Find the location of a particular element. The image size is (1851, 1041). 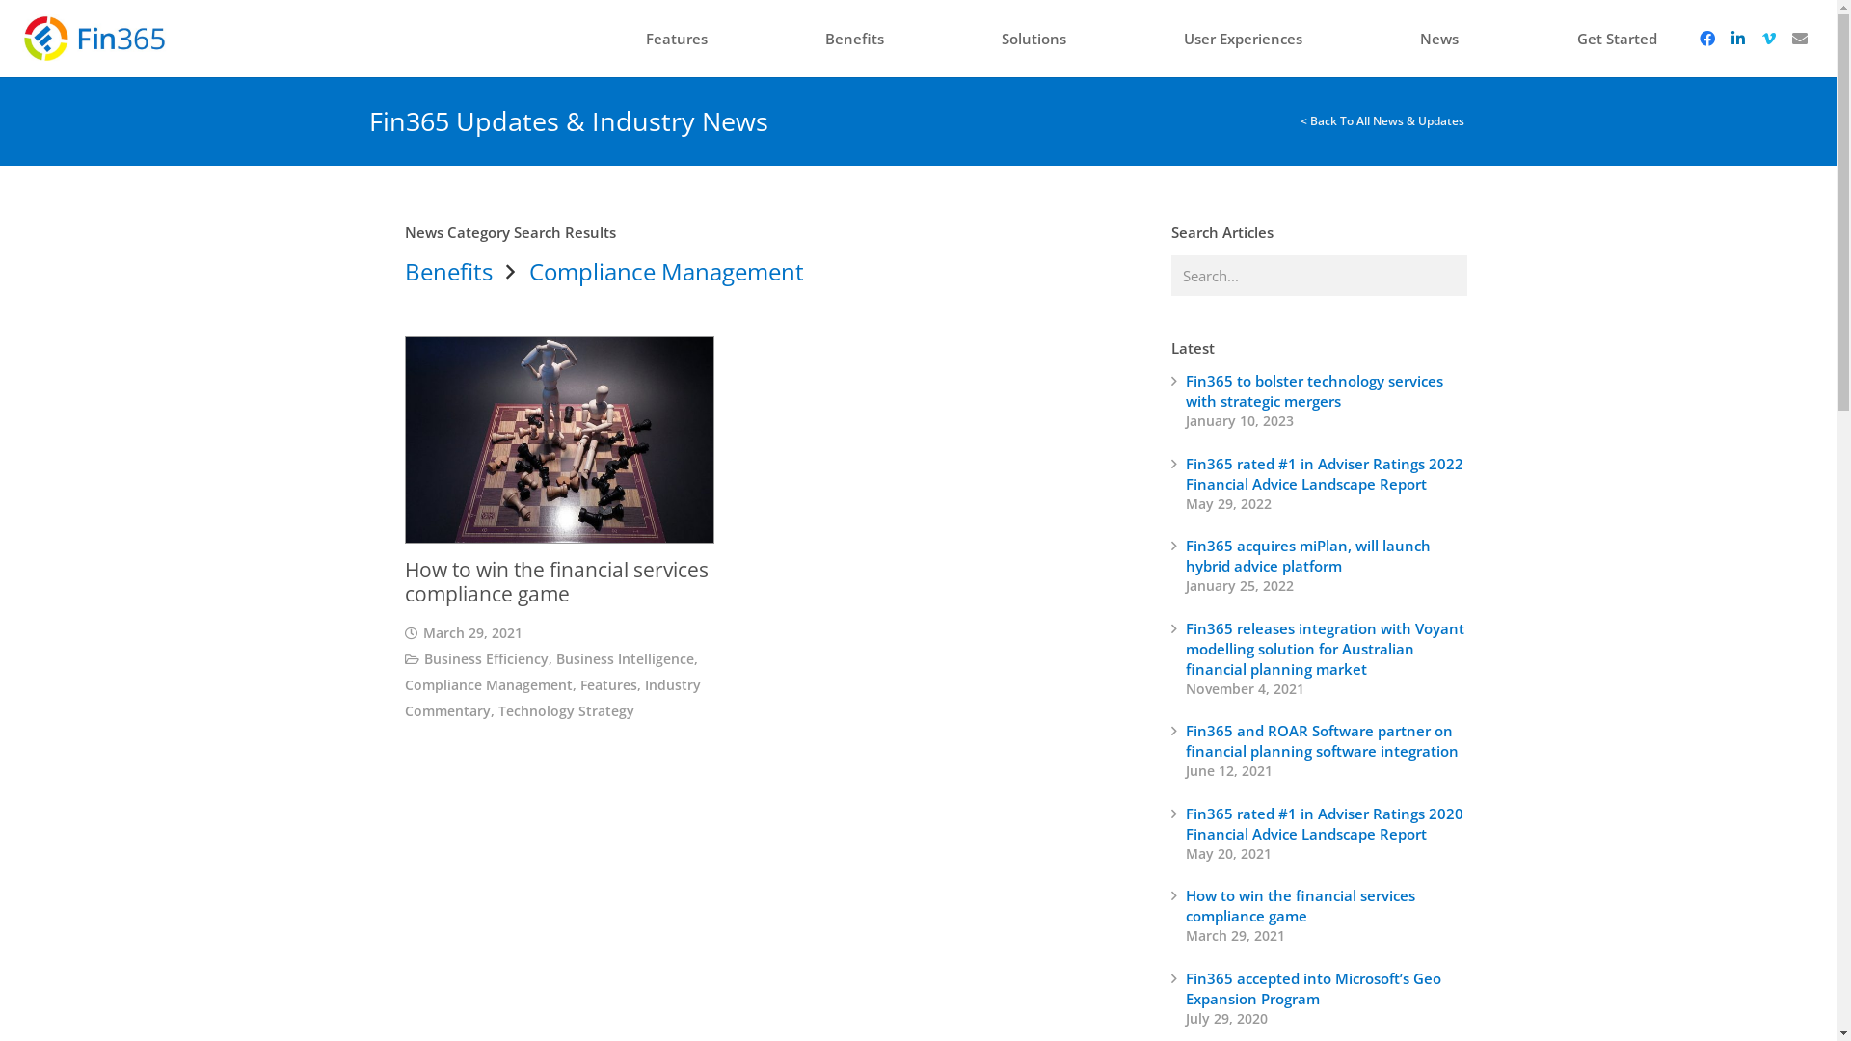

'Features' is located at coordinates (607, 683).